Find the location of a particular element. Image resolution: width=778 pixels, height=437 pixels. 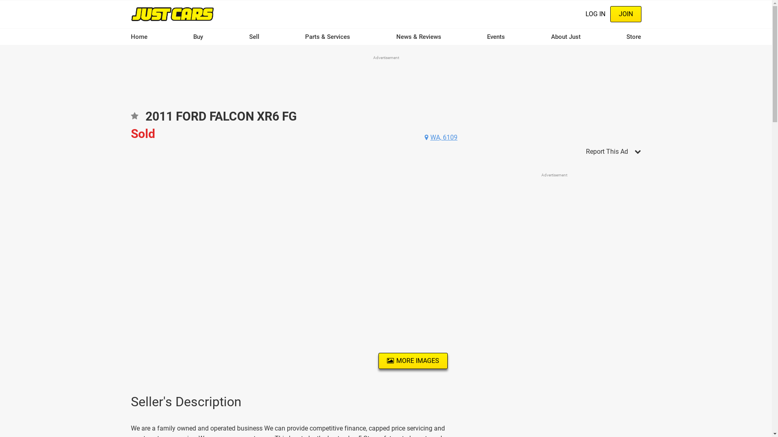

'JOIN' is located at coordinates (610, 14).